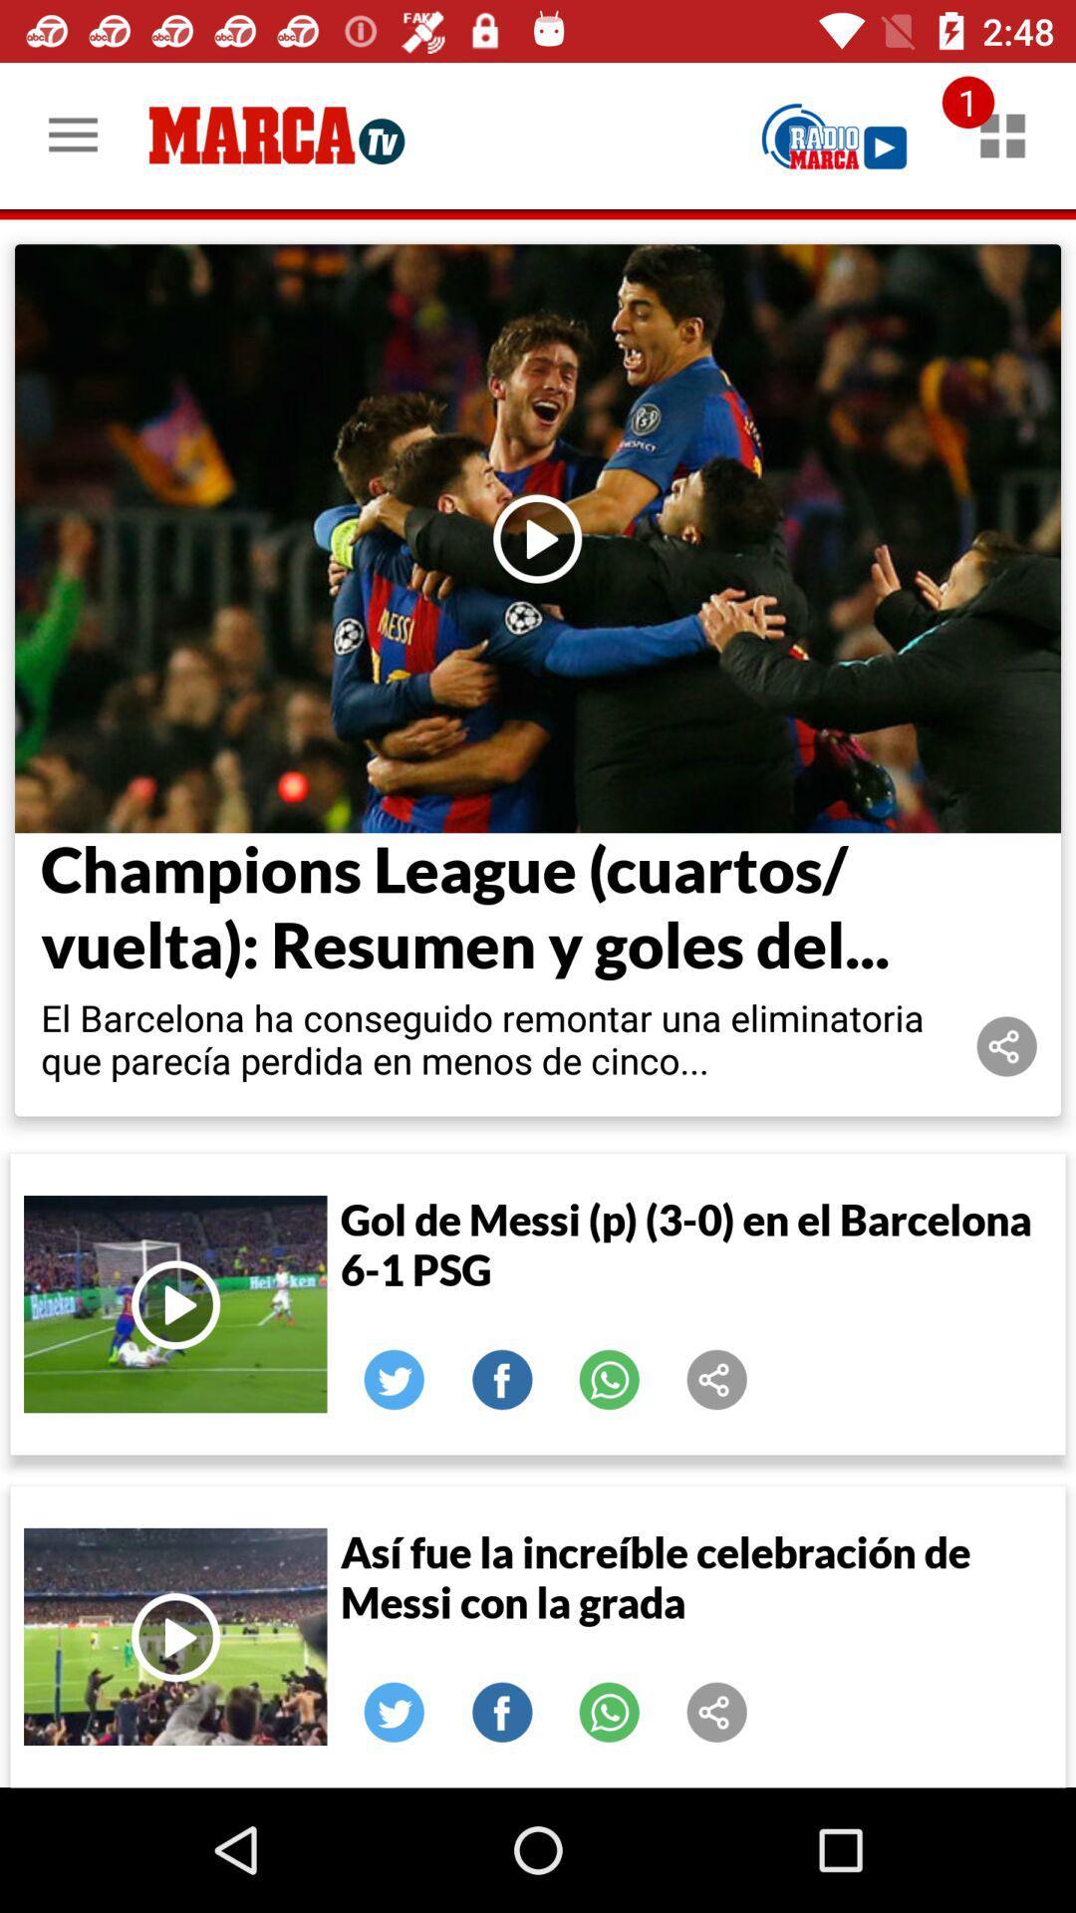 The height and width of the screenshot is (1913, 1076). Describe the element at coordinates (395, 1711) in the screenshot. I see `share on twitter` at that location.